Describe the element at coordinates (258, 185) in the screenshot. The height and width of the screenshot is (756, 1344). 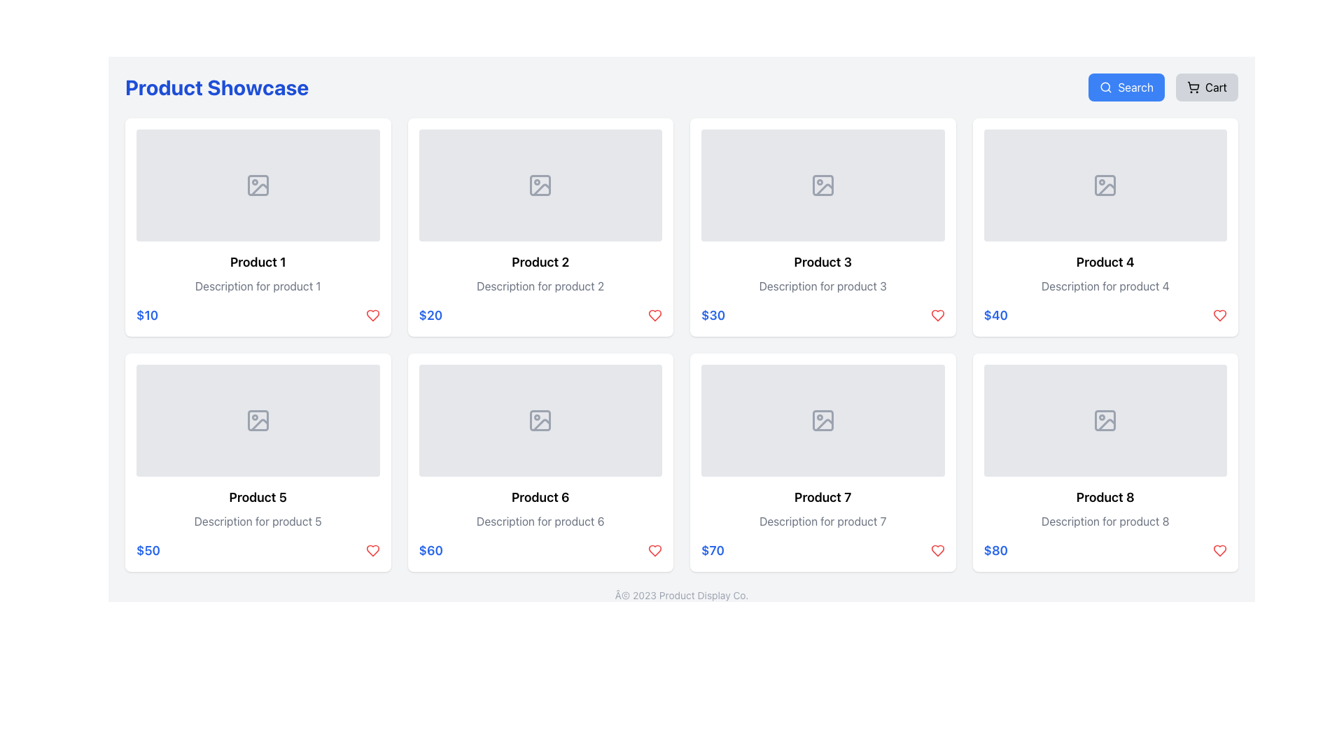
I see `the placeholder icon indicating the absence of an image for 'Product 1'` at that location.